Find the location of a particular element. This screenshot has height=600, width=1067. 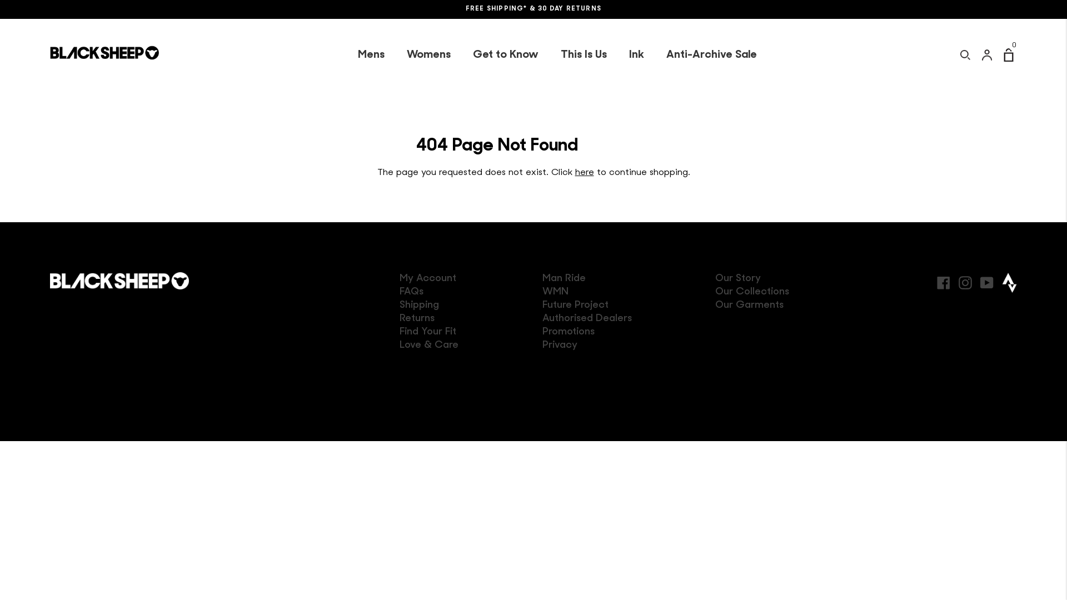

'Mens' is located at coordinates (371, 55).